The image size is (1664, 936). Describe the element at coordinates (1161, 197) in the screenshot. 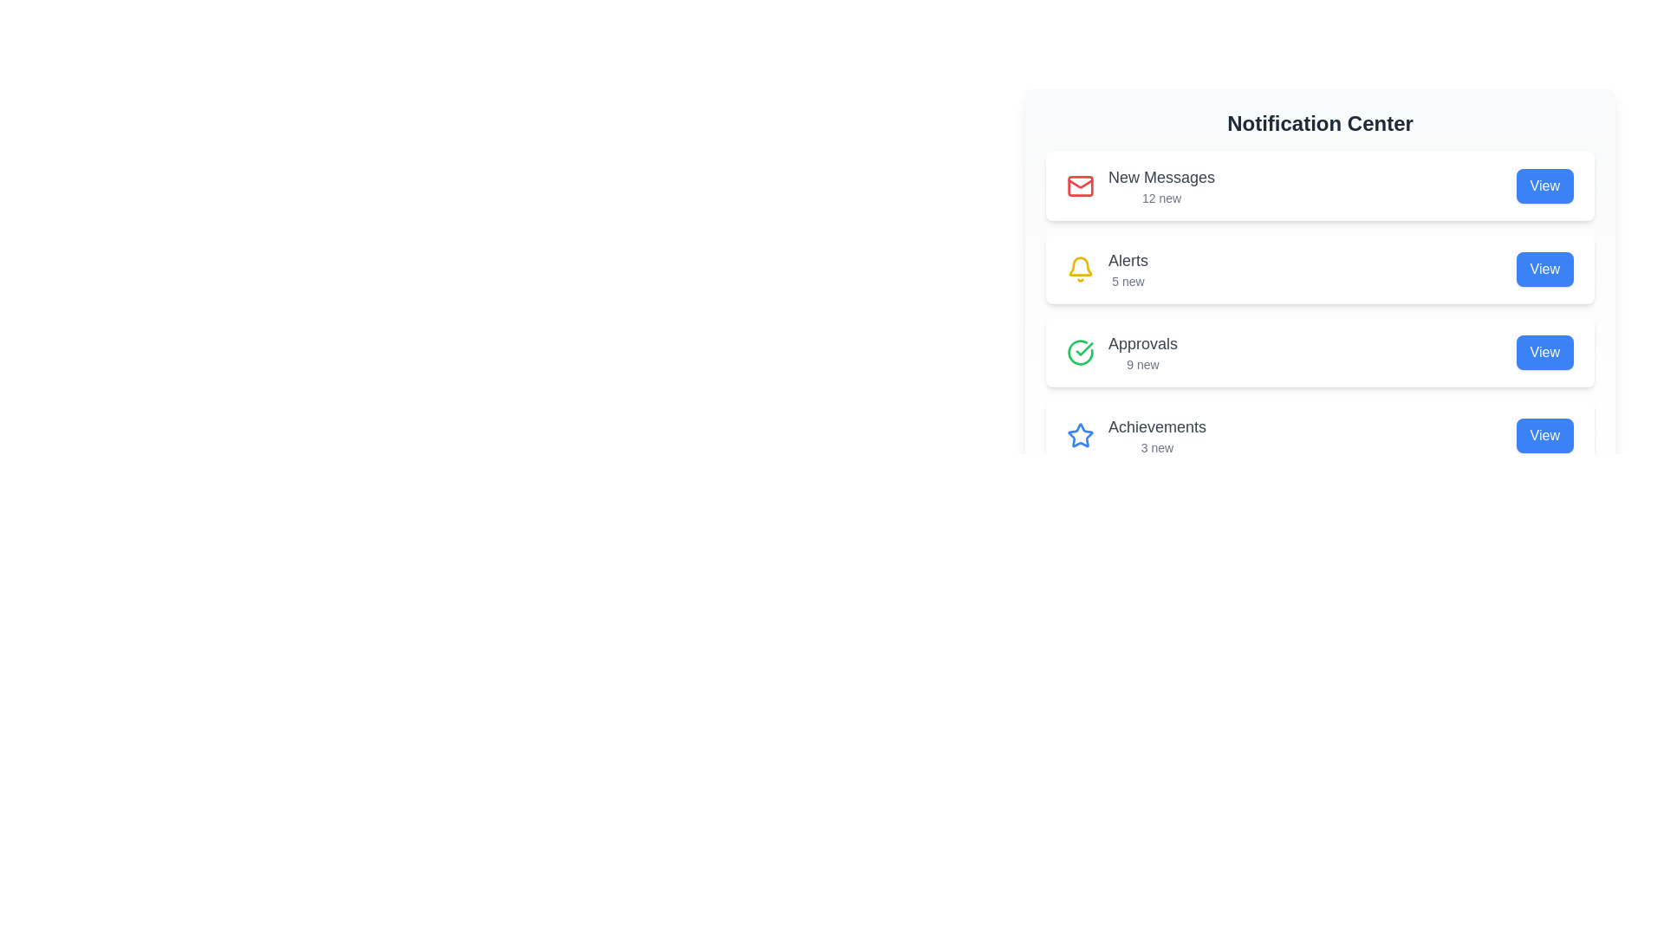

I see `the Text Label that shows the count of new notifications for 'New Messages', located below the text 'New Messages' in the notification section` at that location.